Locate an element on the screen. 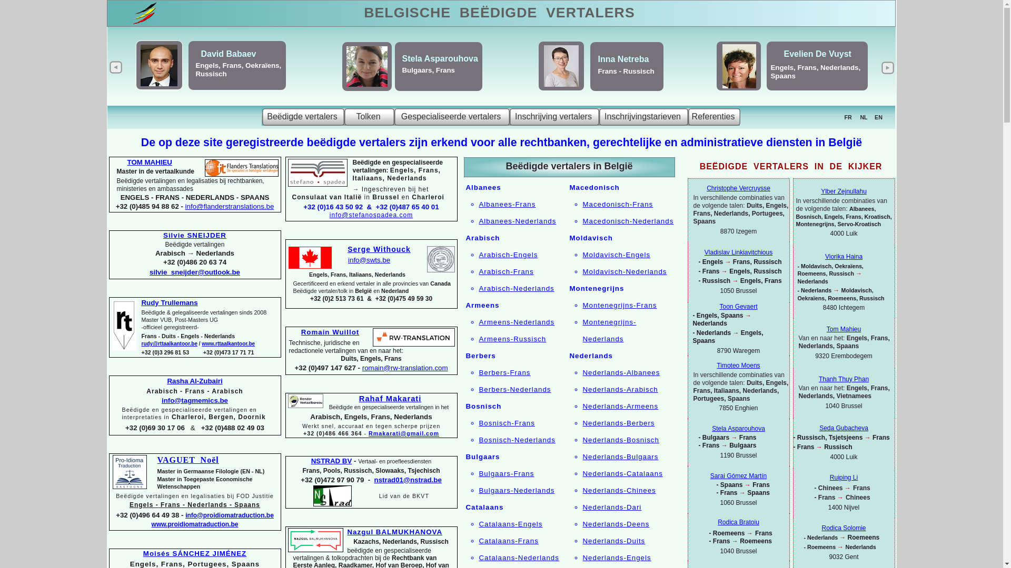 The image size is (1011, 568). 'Ylber Zejnullahu' is located at coordinates (844, 191).